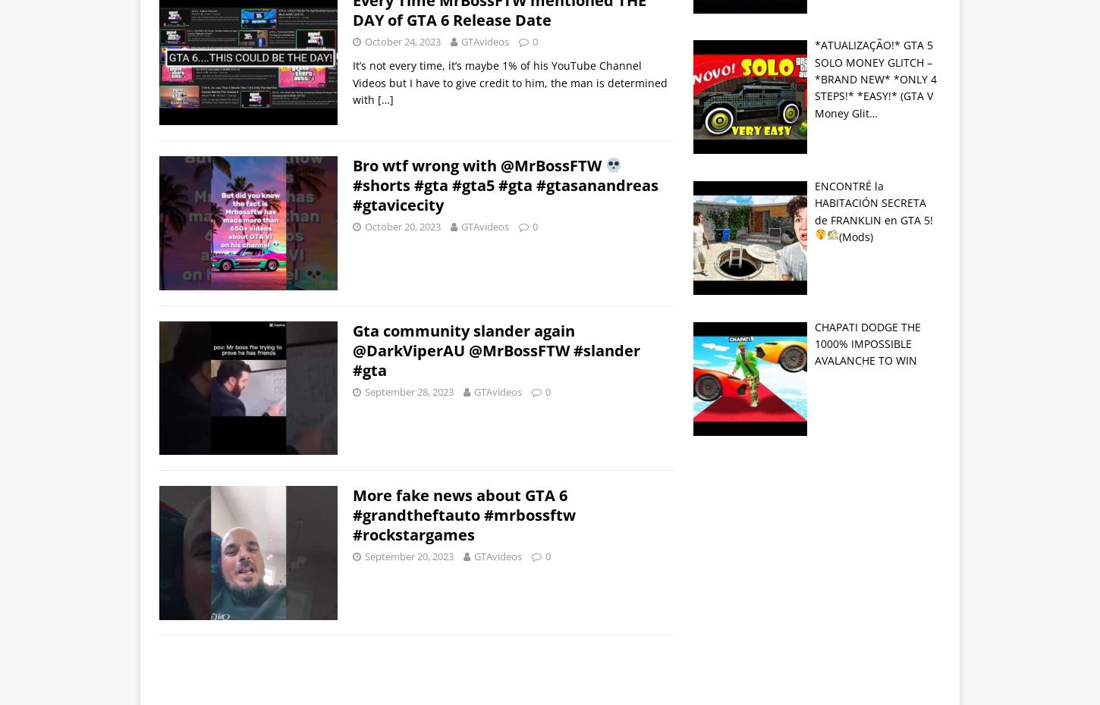 The width and height of the screenshot is (1100, 705). Describe the element at coordinates (873, 202) in the screenshot. I see `'ENCONTRÉ la HABITACIÓN SECRETA de FRANKLIN en GTA 5!'` at that location.